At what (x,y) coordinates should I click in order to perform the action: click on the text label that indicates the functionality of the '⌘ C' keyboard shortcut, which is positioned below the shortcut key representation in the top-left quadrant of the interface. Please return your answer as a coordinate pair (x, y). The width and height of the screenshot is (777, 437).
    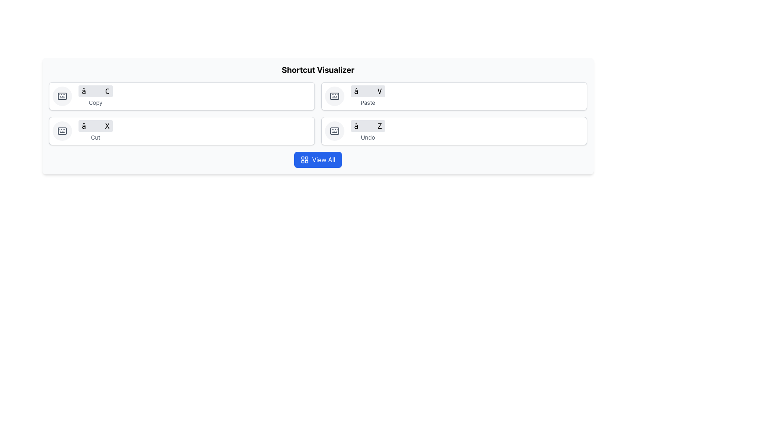
    Looking at the image, I should click on (96, 102).